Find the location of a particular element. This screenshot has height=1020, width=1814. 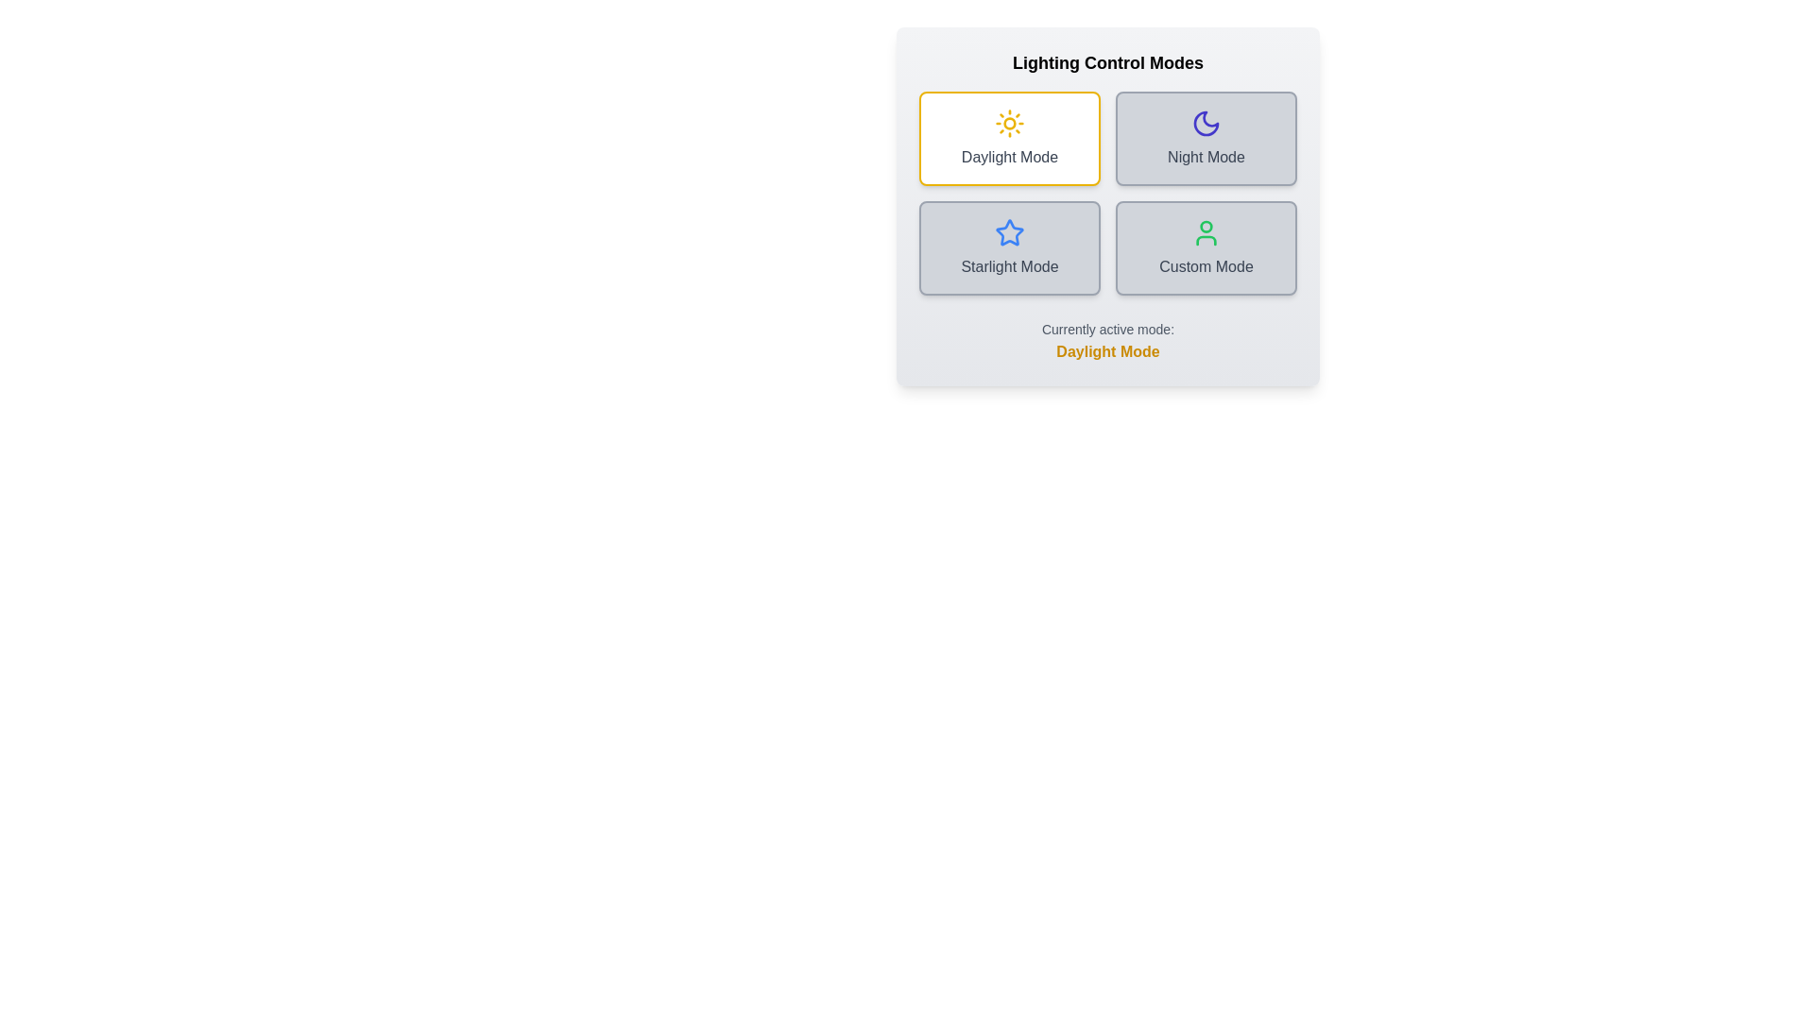

the button corresponding to the desired lighting mode Starlight Mode is located at coordinates (1009, 246).